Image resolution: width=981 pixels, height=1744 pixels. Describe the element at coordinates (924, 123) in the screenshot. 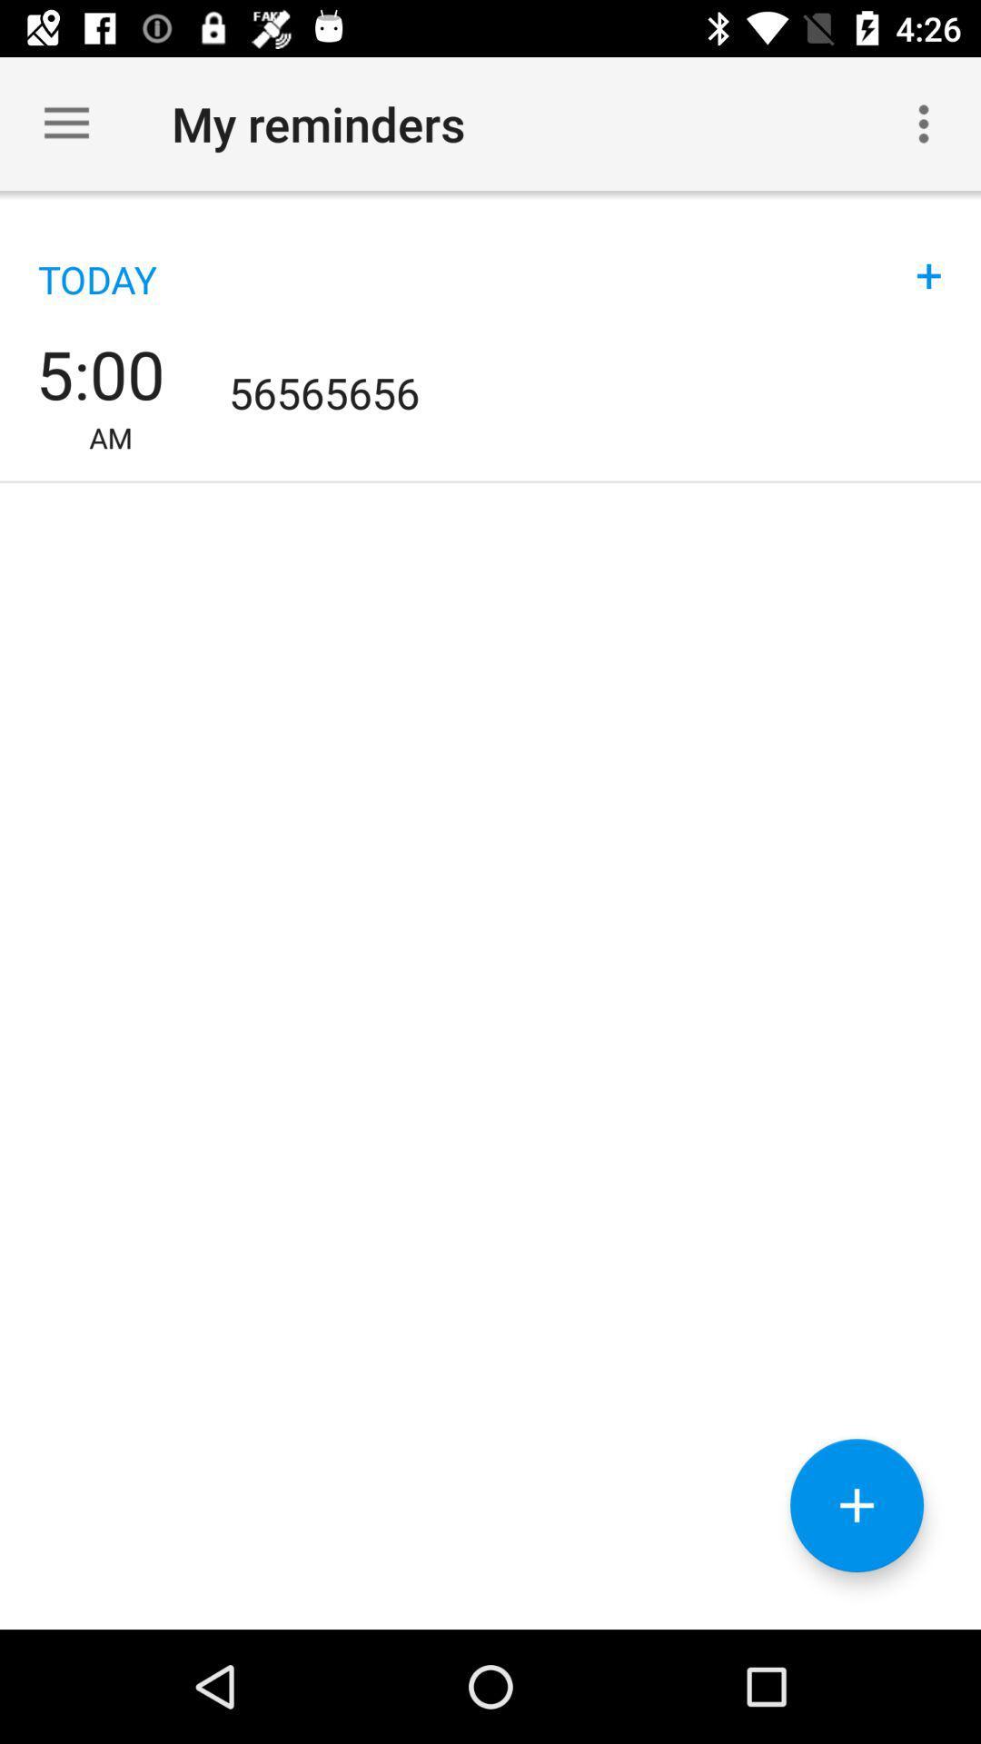

I see `the icon to the right of my reminders item` at that location.